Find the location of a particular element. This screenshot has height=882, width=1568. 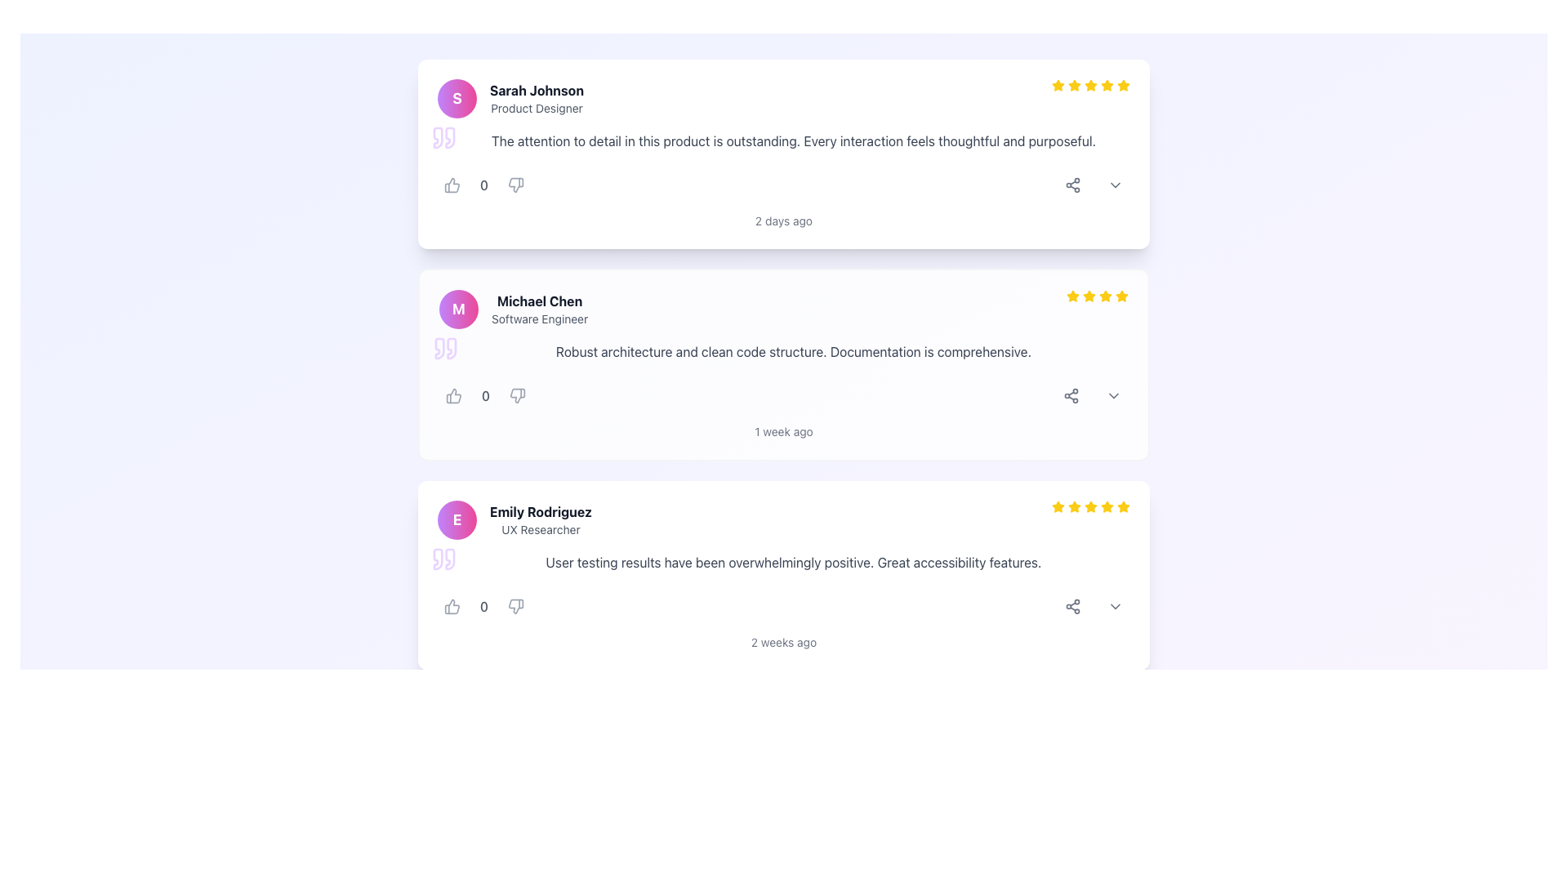

the middle star of the rating component in the top-right corner of Michael Chen's comment box is located at coordinates (1098, 296).